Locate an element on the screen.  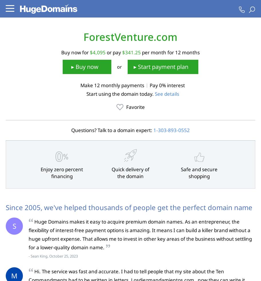
'Safe and secure shopping' is located at coordinates (181, 173).